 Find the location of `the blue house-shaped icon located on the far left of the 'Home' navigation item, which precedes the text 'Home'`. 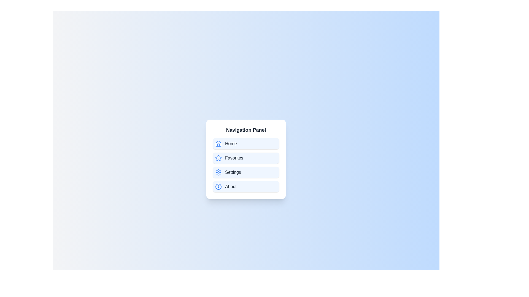

the blue house-shaped icon located on the far left of the 'Home' navigation item, which precedes the text 'Home' is located at coordinates (218, 144).